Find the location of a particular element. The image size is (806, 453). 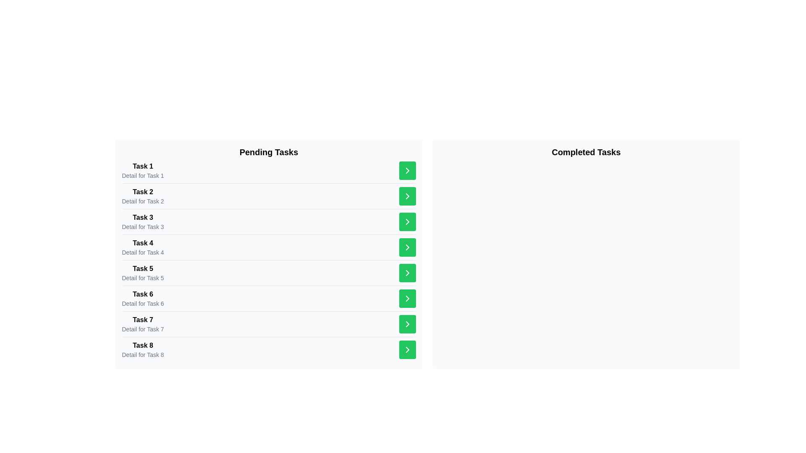

text content of the Text Label located beneath the 'Task 1' header in the 'Pending Tasks' section is located at coordinates (143, 175).